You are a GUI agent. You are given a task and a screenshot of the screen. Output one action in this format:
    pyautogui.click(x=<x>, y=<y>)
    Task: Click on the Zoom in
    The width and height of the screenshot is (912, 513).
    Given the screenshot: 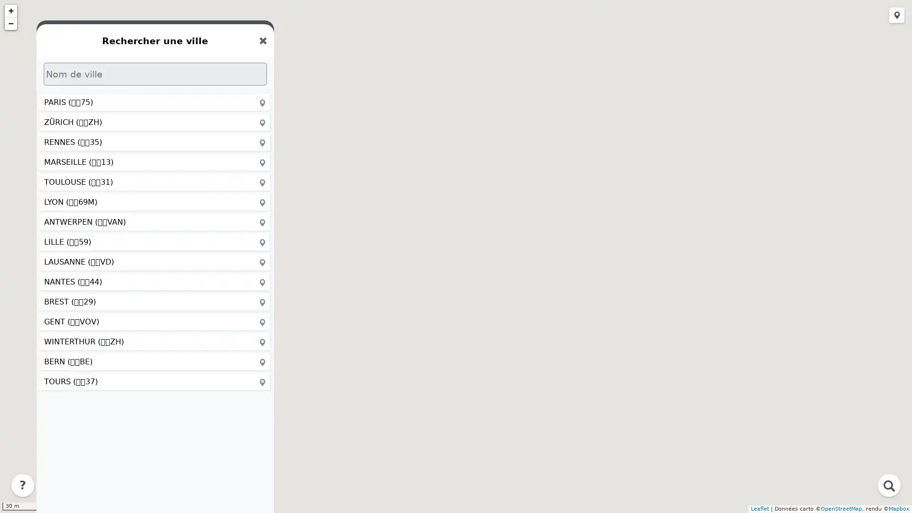 What is the action you would take?
    pyautogui.click(x=11, y=11)
    